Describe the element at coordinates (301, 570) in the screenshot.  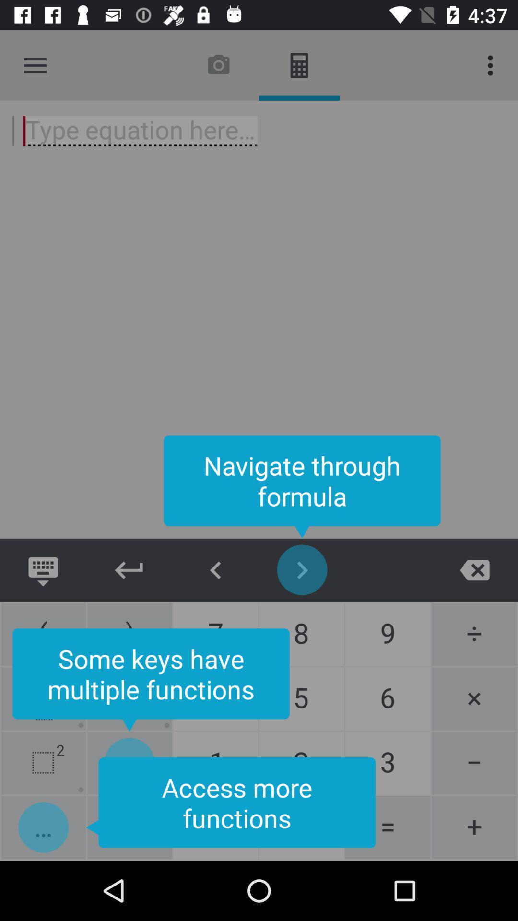
I see `go forward` at that location.